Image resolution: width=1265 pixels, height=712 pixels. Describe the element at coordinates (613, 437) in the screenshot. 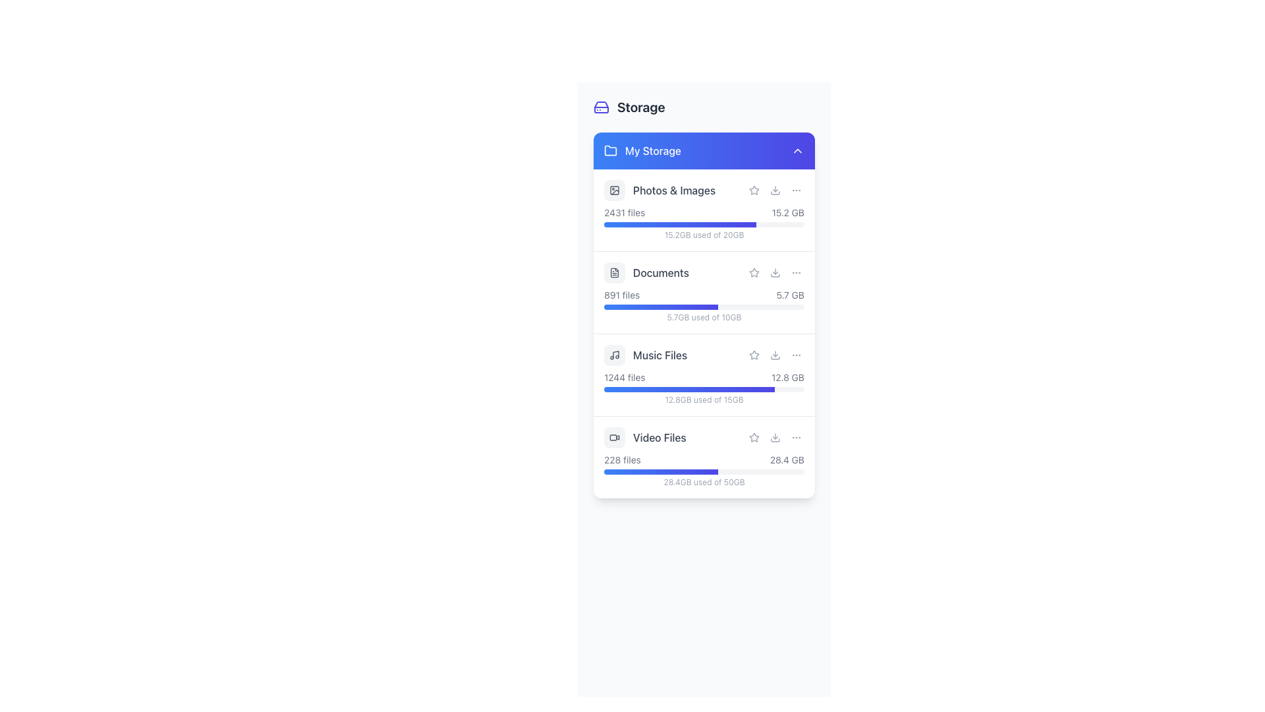

I see `the small gray video icon styled as a camera with a play-like indicator, located in the 'Video Files' section to the left of the text label` at that location.